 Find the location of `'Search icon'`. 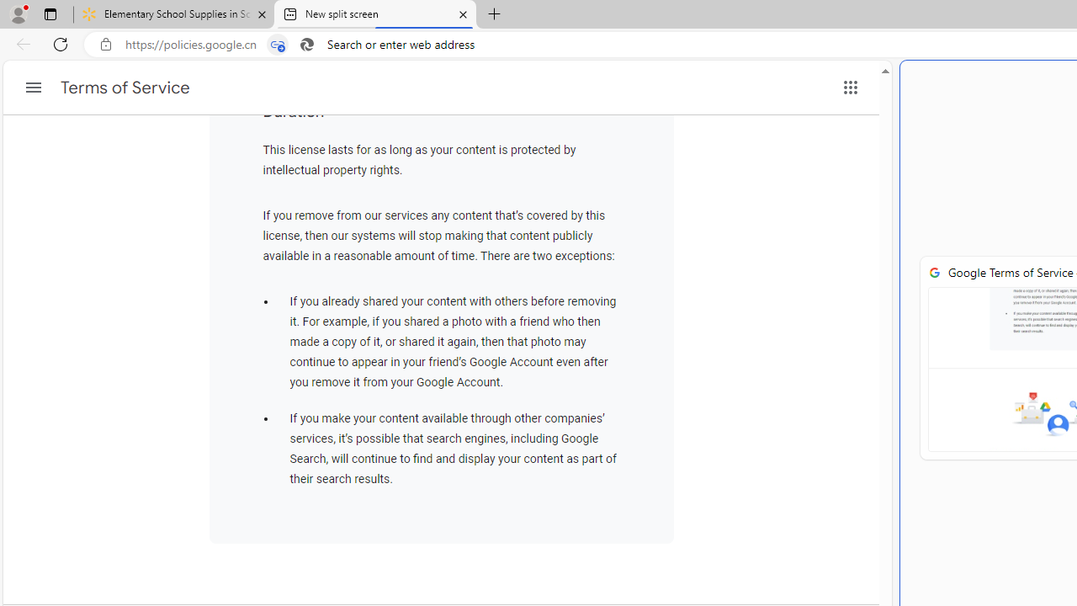

'Search icon' is located at coordinates (307, 44).